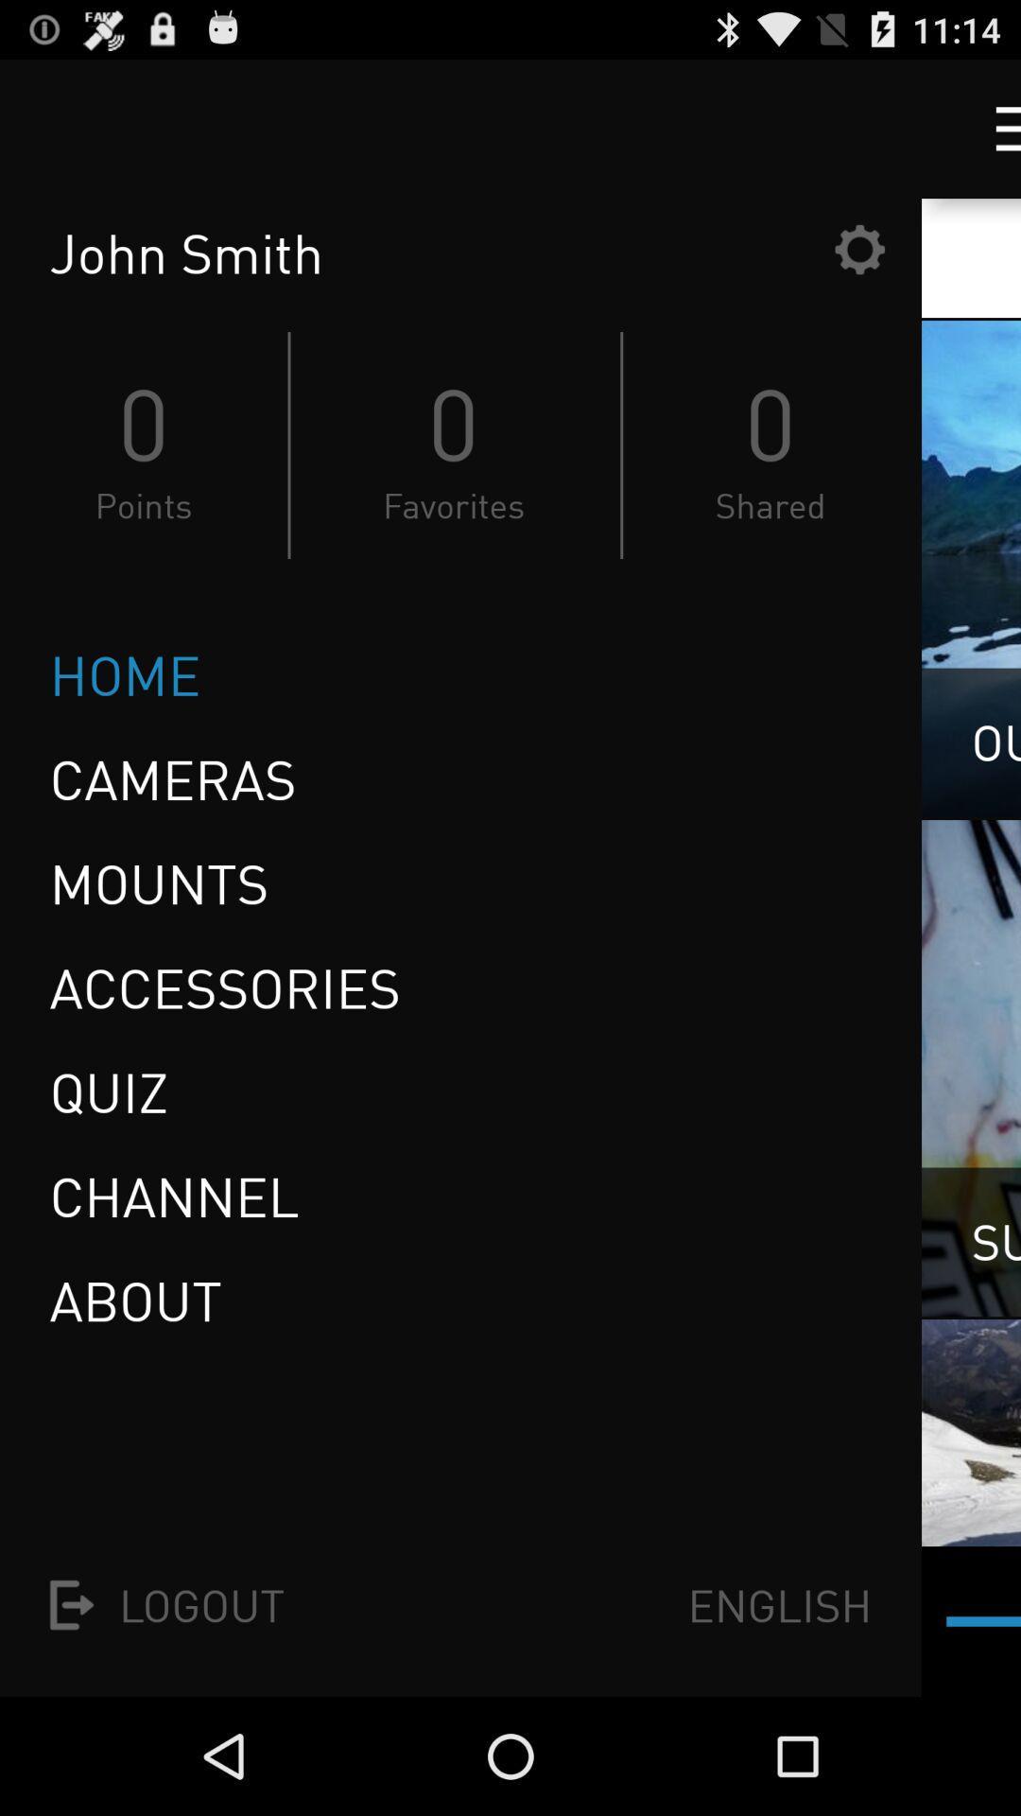 This screenshot has height=1816, width=1021. What do you see at coordinates (224, 987) in the screenshot?
I see `icon above quiz  icon` at bounding box center [224, 987].